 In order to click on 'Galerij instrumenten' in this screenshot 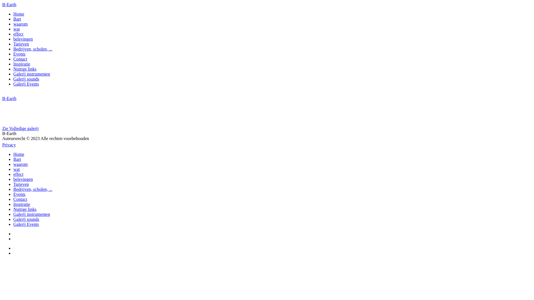, I will do `click(13, 74)`.